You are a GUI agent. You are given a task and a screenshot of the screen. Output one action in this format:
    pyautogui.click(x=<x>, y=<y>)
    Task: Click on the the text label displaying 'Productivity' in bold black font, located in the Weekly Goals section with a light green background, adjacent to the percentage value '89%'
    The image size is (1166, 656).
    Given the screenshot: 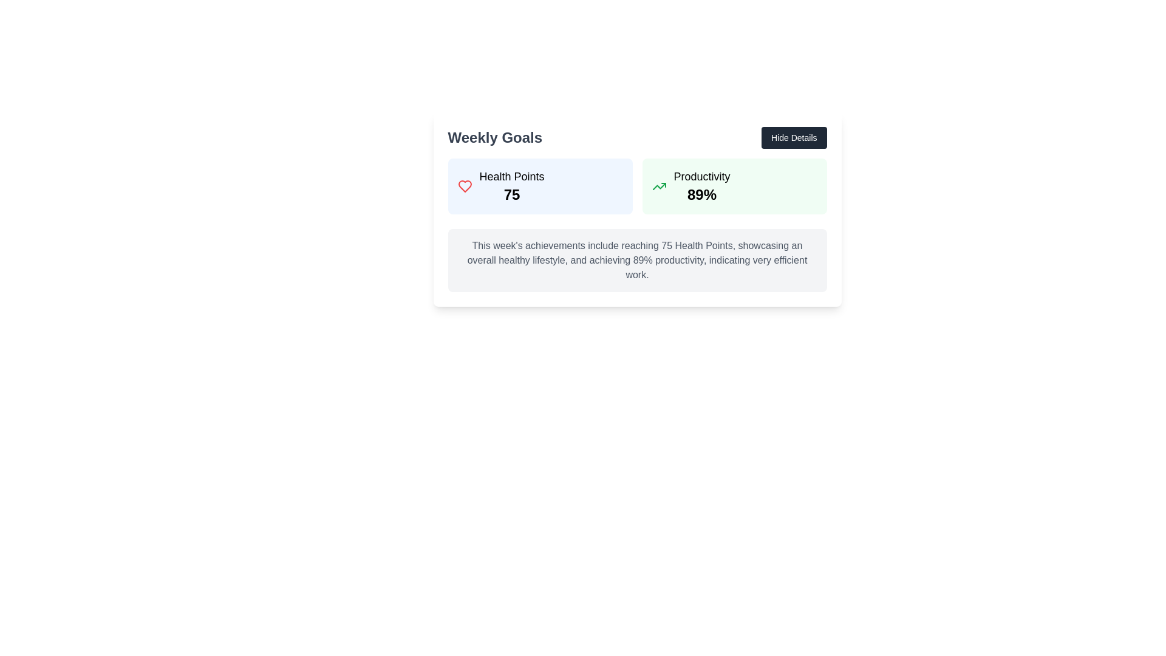 What is the action you would take?
    pyautogui.click(x=702, y=176)
    